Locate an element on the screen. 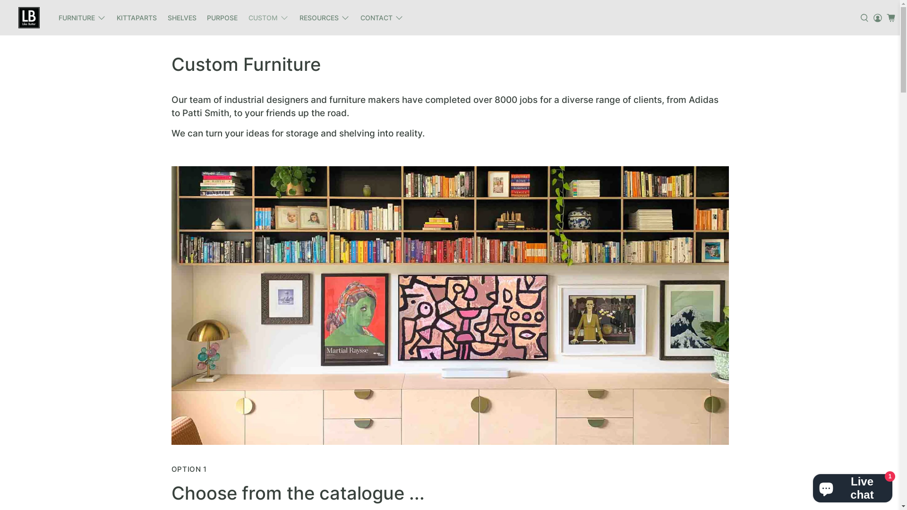 The width and height of the screenshot is (907, 510). 'Shopify online store chat' is located at coordinates (852, 486).